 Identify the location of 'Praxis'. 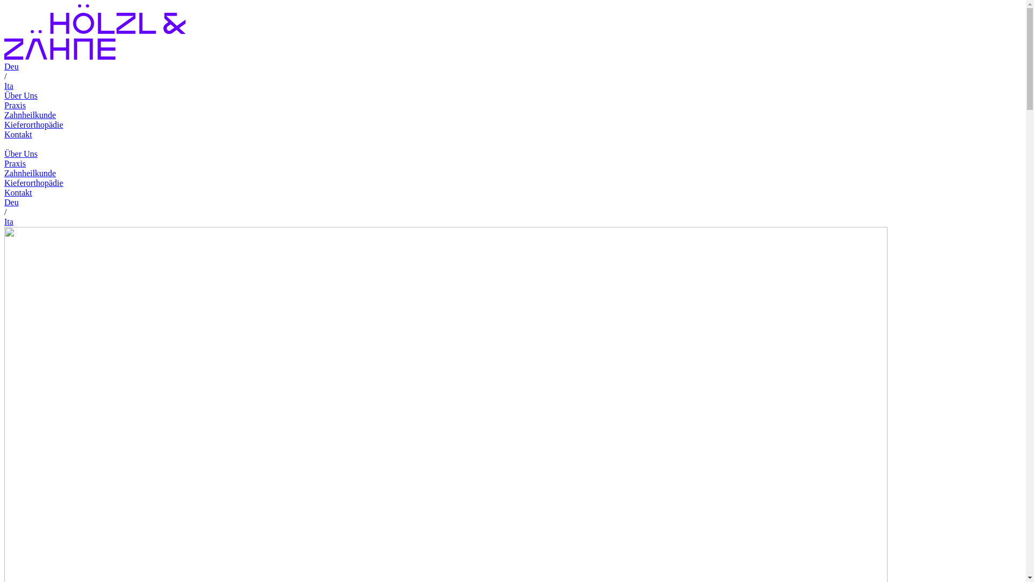
(15, 163).